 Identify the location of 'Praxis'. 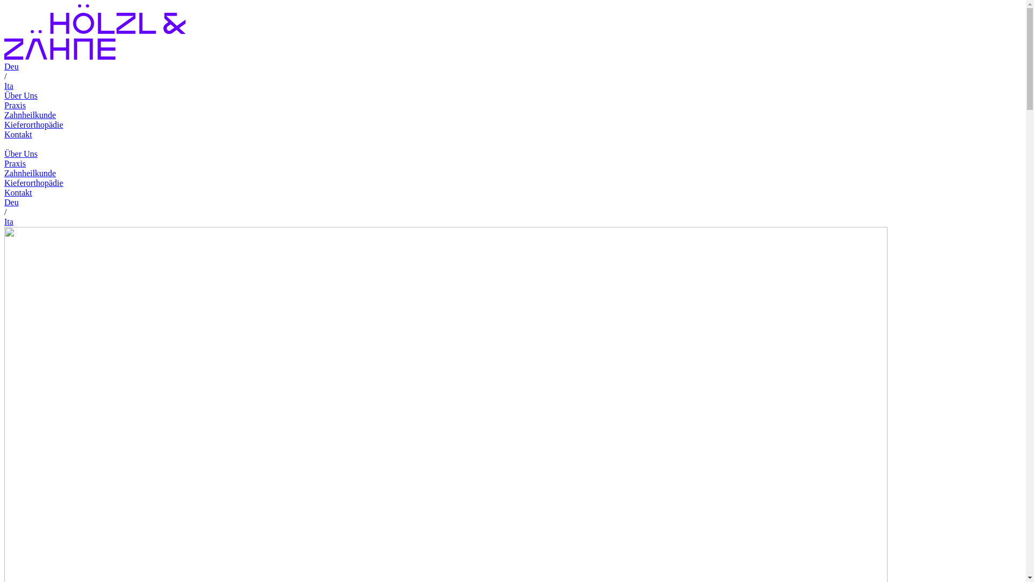
(15, 163).